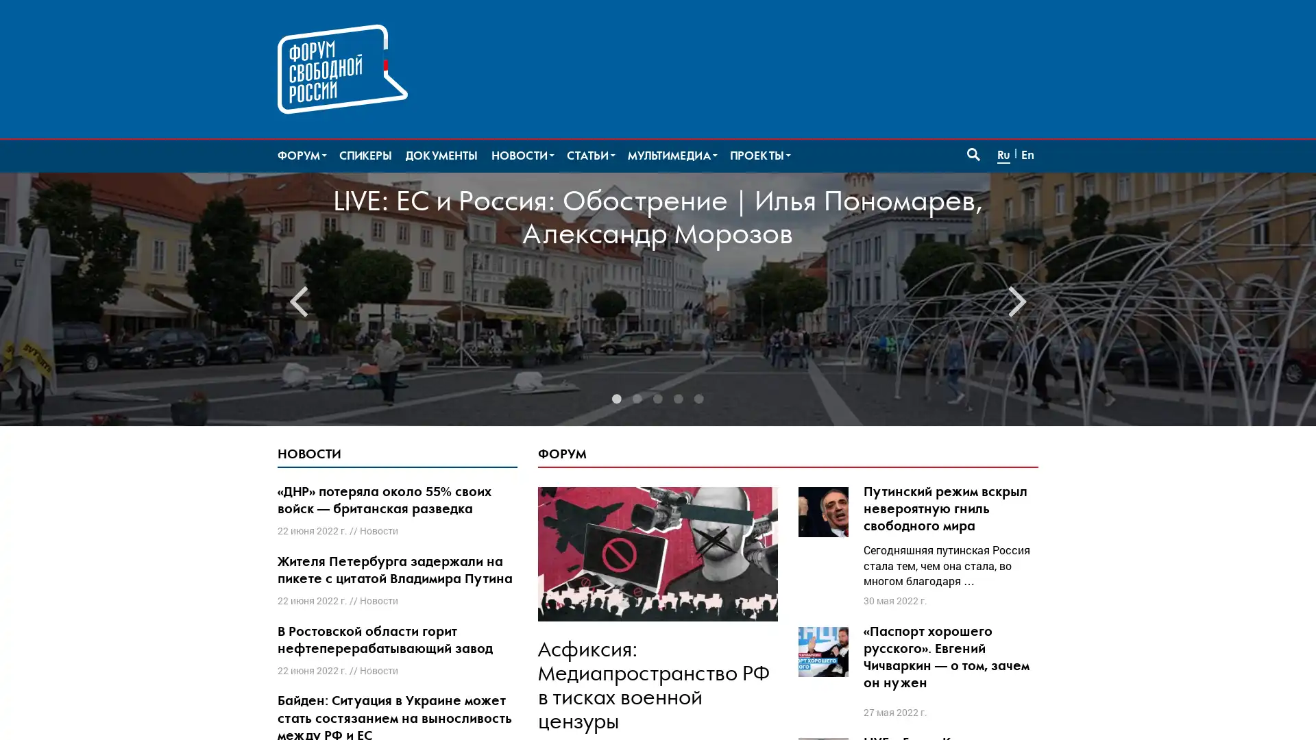  Describe the element at coordinates (1017, 298) in the screenshot. I see `Next` at that location.